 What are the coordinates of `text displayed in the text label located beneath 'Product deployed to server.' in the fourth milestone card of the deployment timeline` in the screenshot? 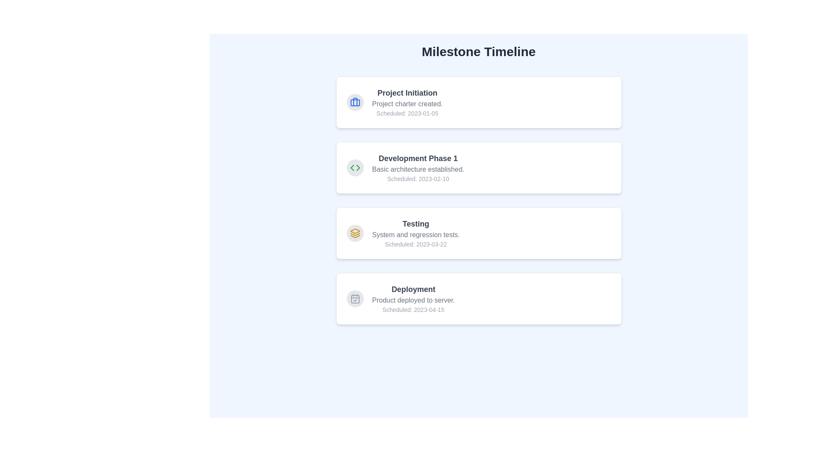 It's located at (413, 310).